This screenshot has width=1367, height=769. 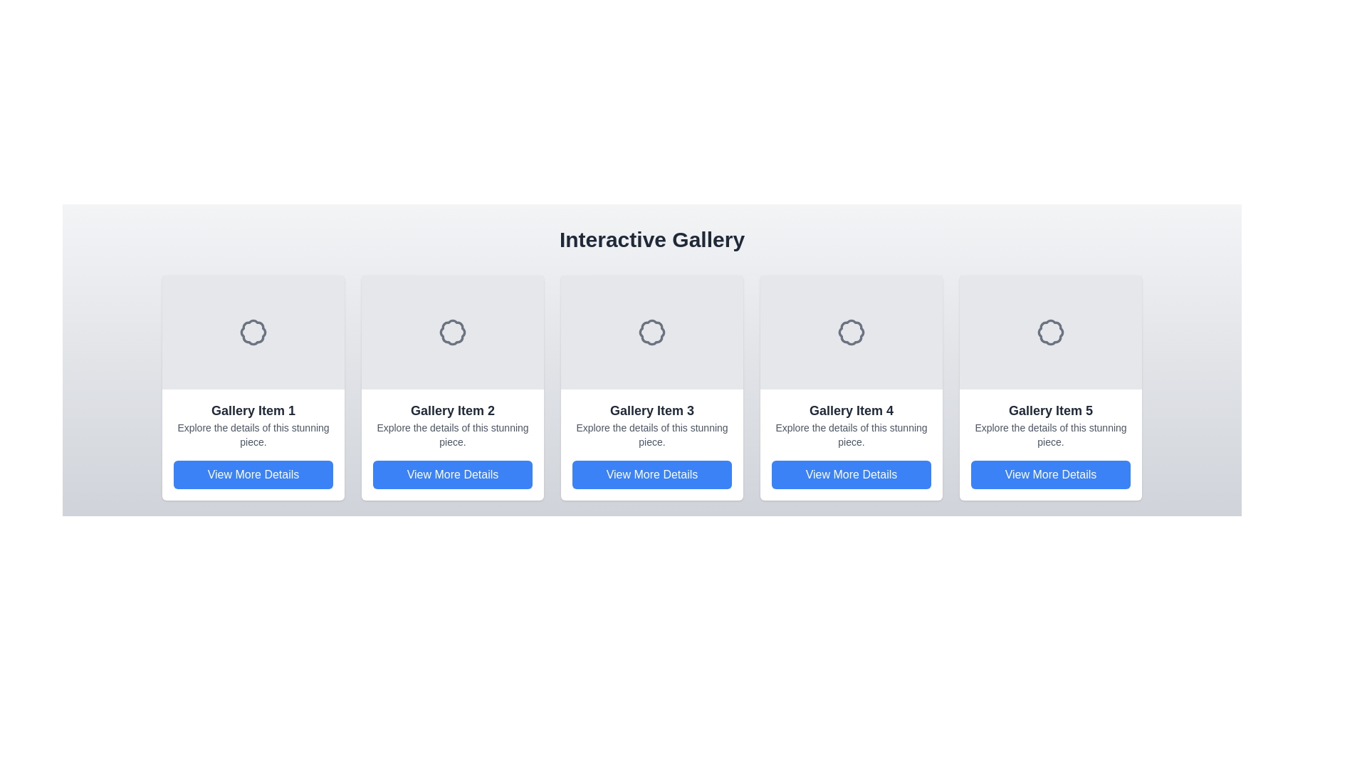 I want to click on the rectangular button labeled 'View More Details' with a blue background located in the bottom section of the card 'Gallery Item 5', so click(x=1051, y=475).